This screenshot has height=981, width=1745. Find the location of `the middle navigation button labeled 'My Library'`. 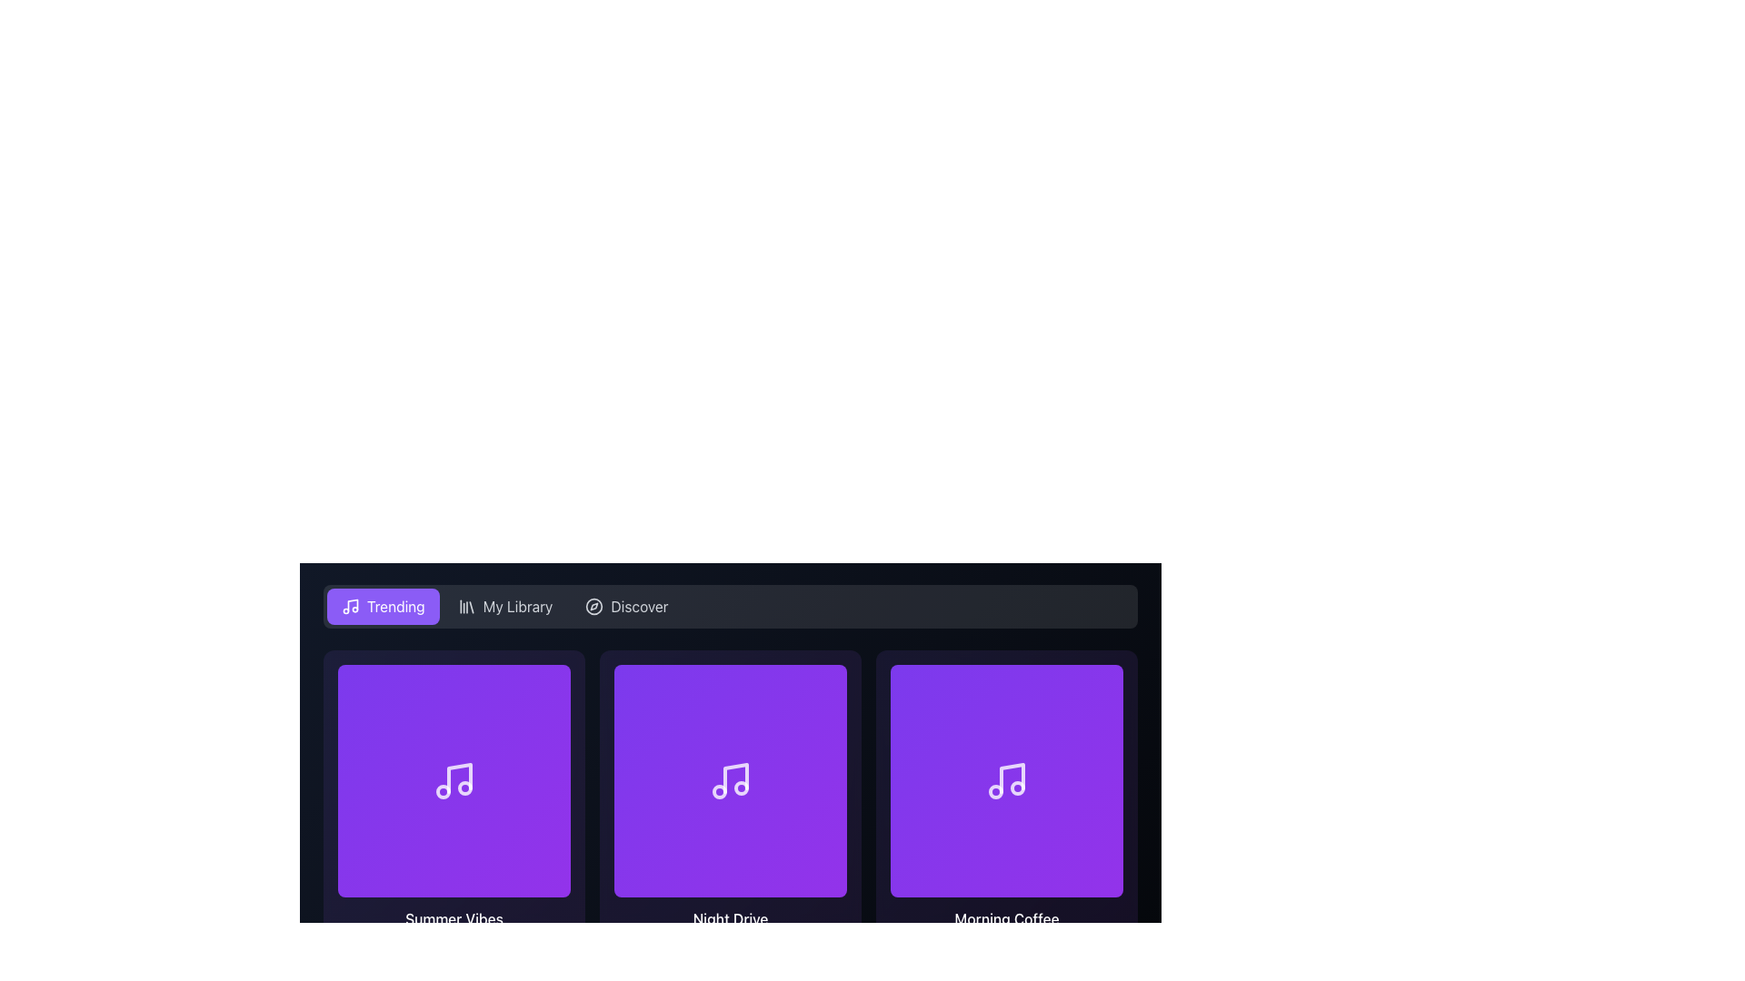

the middle navigation button labeled 'My Library' is located at coordinates (505, 606).